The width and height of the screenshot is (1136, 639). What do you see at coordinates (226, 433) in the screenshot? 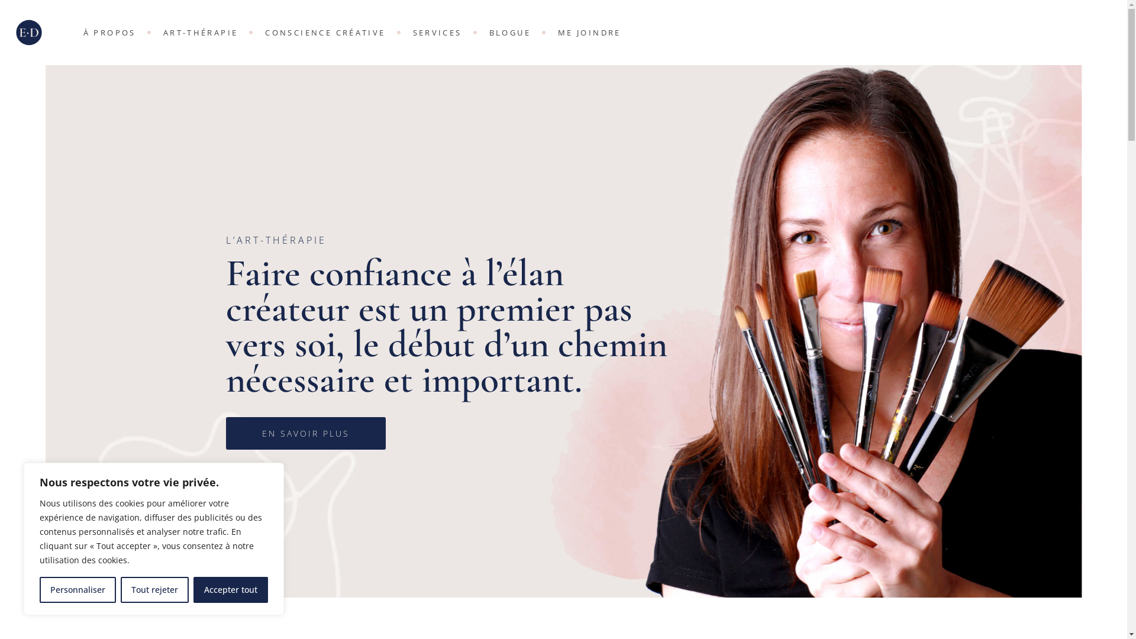
I see `'EN SAVOIR PLUS'` at bounding box center [226, 433].